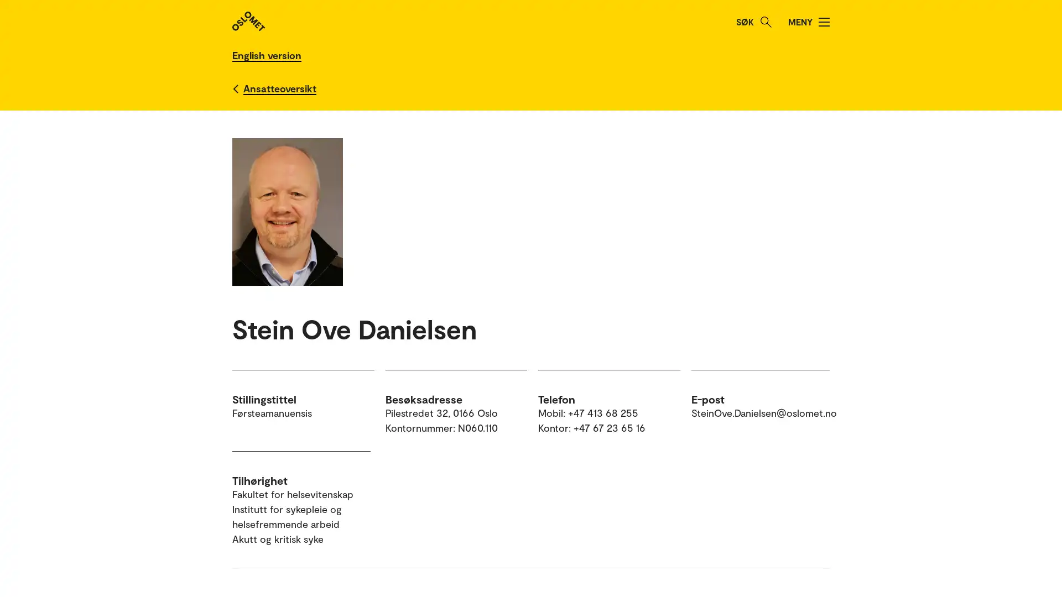  Describe the element at coordinates (766, 22) in the screenshot. I see `Sk` at that location.